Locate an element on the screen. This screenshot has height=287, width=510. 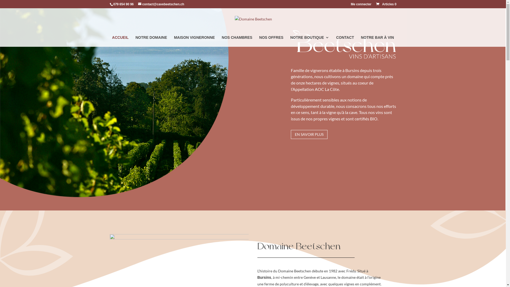
'Articles 0' is located at coordinates (375, 4).